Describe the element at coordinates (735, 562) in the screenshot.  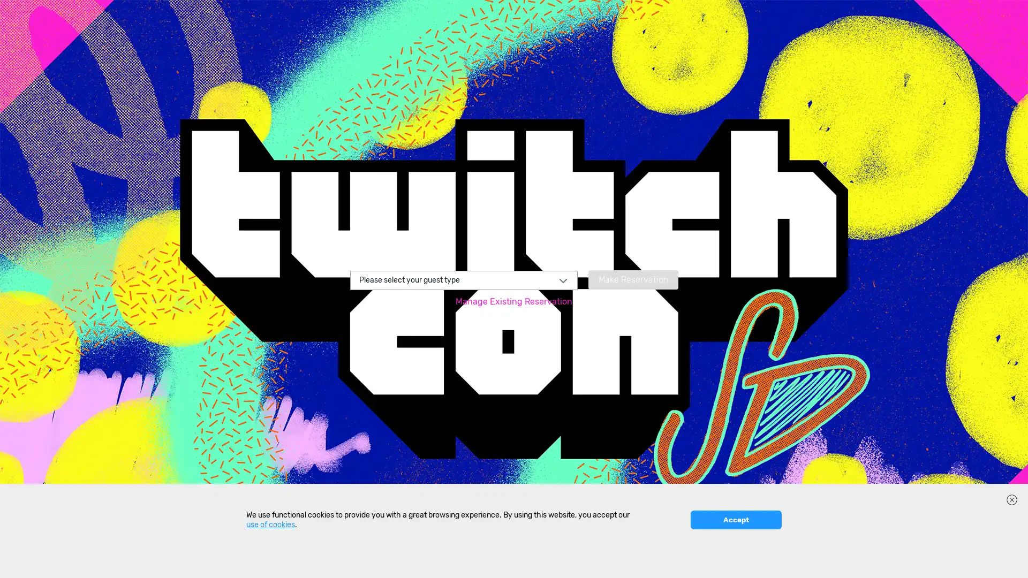
I see `Accept` at that location.